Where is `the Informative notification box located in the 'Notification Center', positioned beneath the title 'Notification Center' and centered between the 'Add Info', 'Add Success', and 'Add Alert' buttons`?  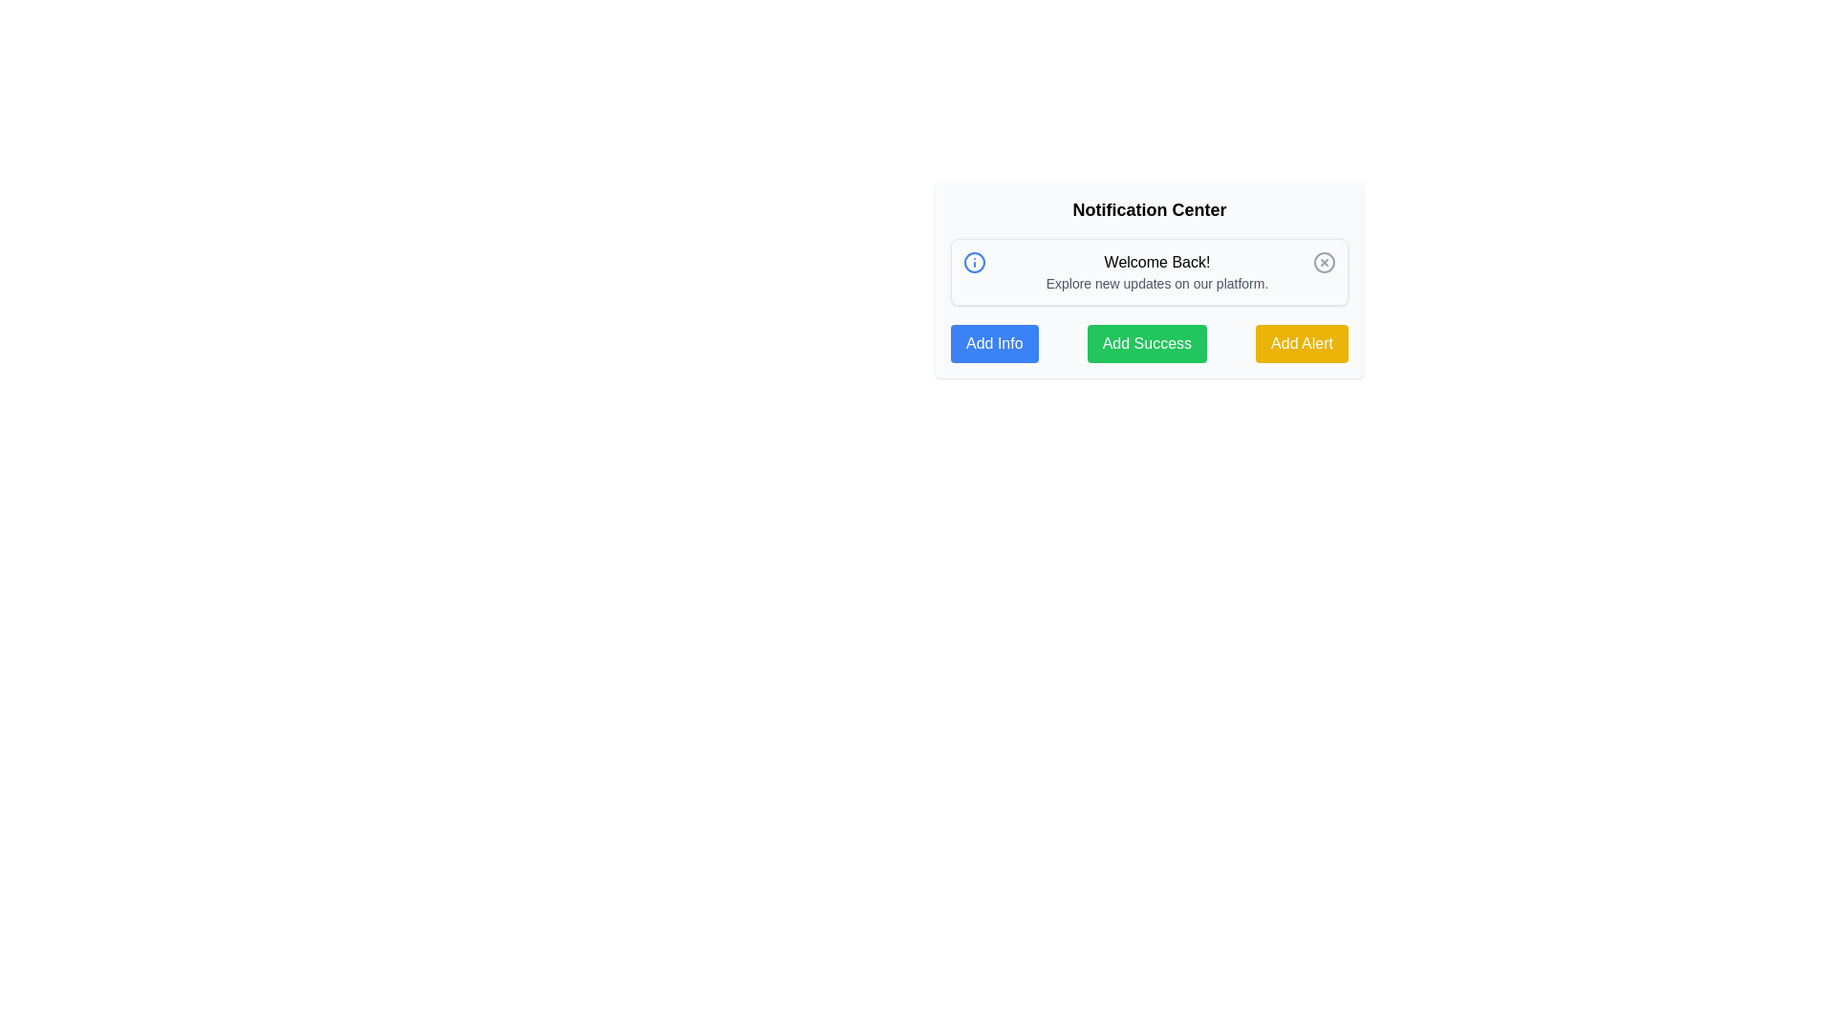
the Informative notification box located in the 'Notification Center', positioned beneath the title 'Notification Center' and centered between the 'Add Info', 'Add Success', and 'Add Alert' buttons is located at coordinates (1149, 272).